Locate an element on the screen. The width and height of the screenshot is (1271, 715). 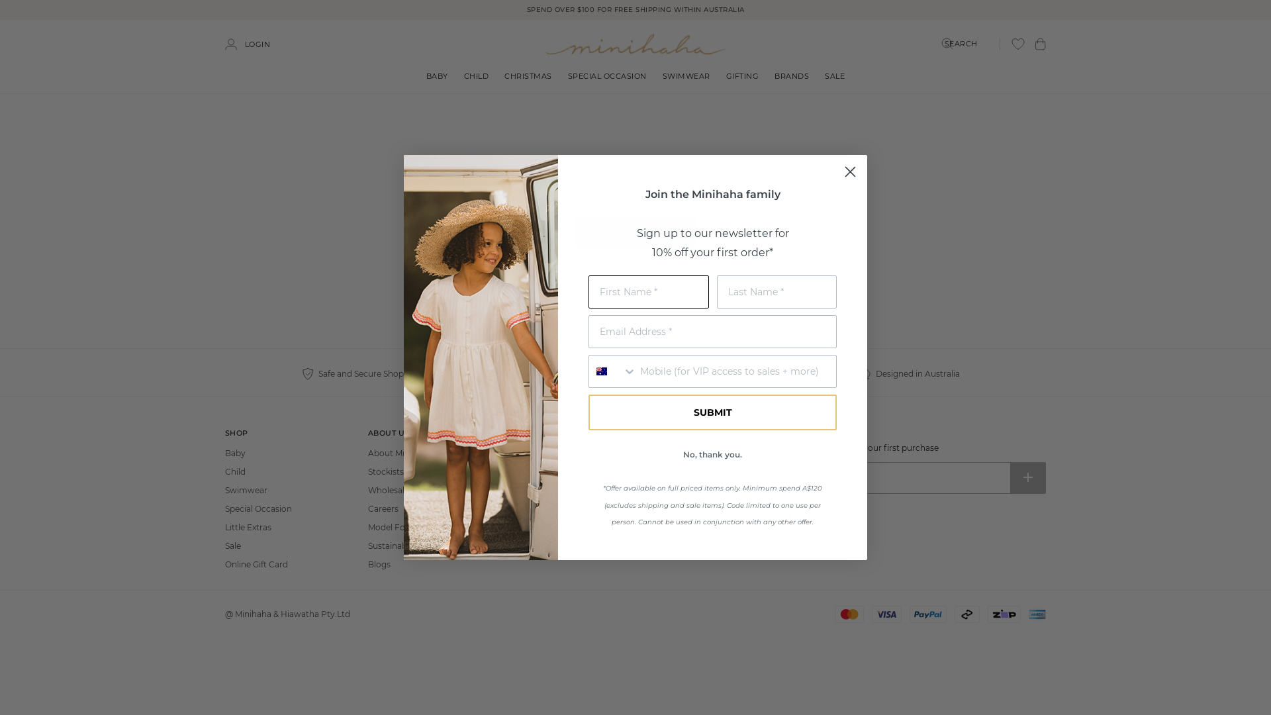
'Australia' is located at coordinates (600, 371).